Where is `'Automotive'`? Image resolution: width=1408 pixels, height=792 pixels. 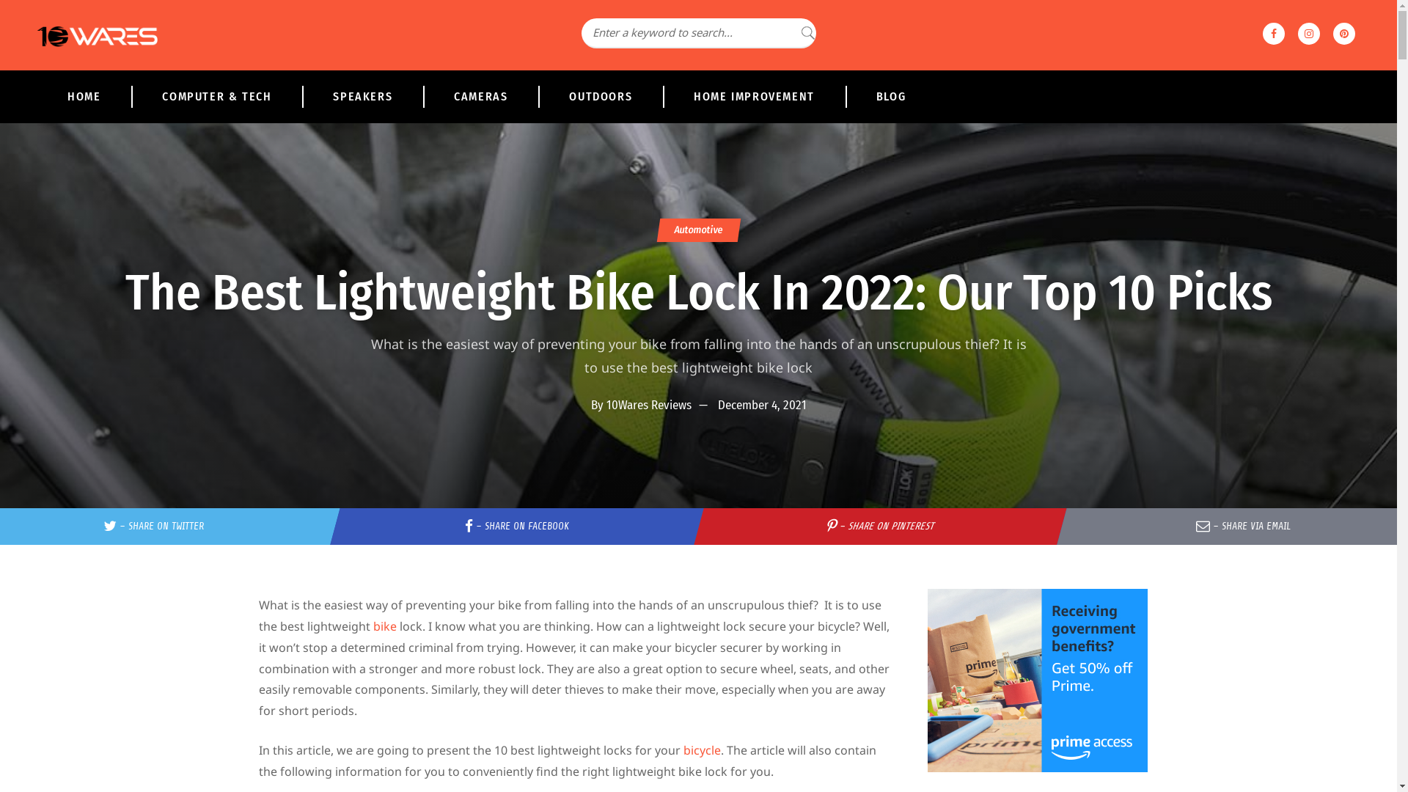 'Automotive' is located at coordinates (696, 230).